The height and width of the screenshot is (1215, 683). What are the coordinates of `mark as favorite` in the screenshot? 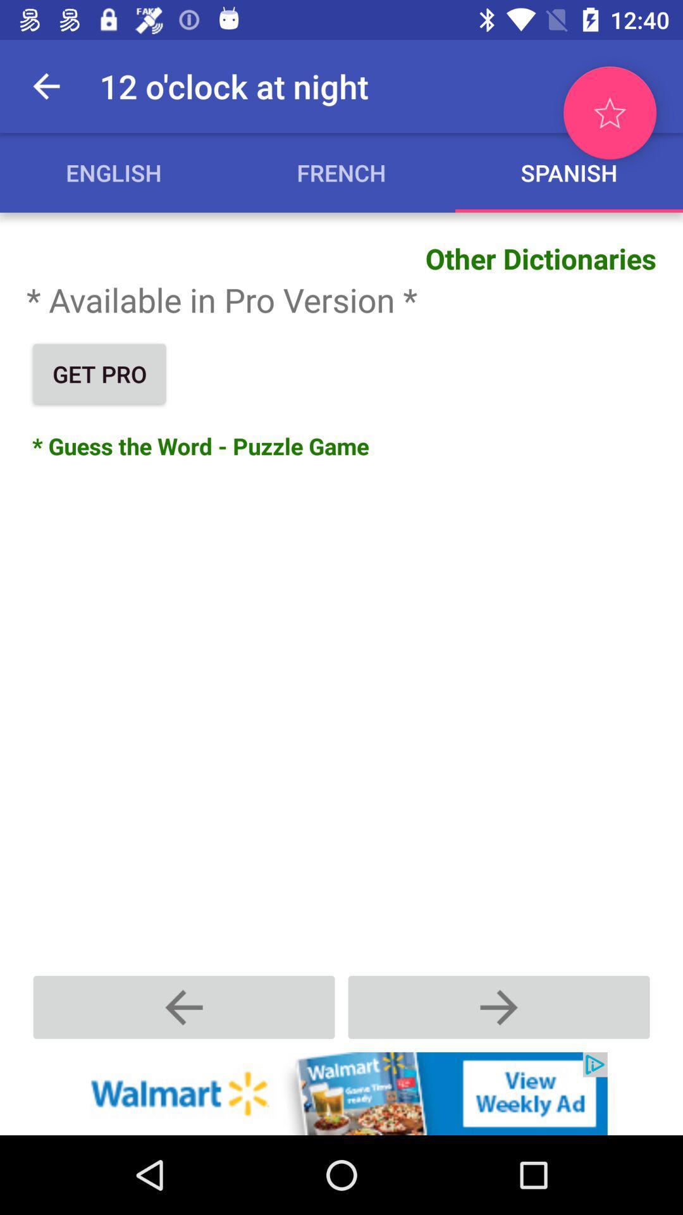 It's located at (609, 113).